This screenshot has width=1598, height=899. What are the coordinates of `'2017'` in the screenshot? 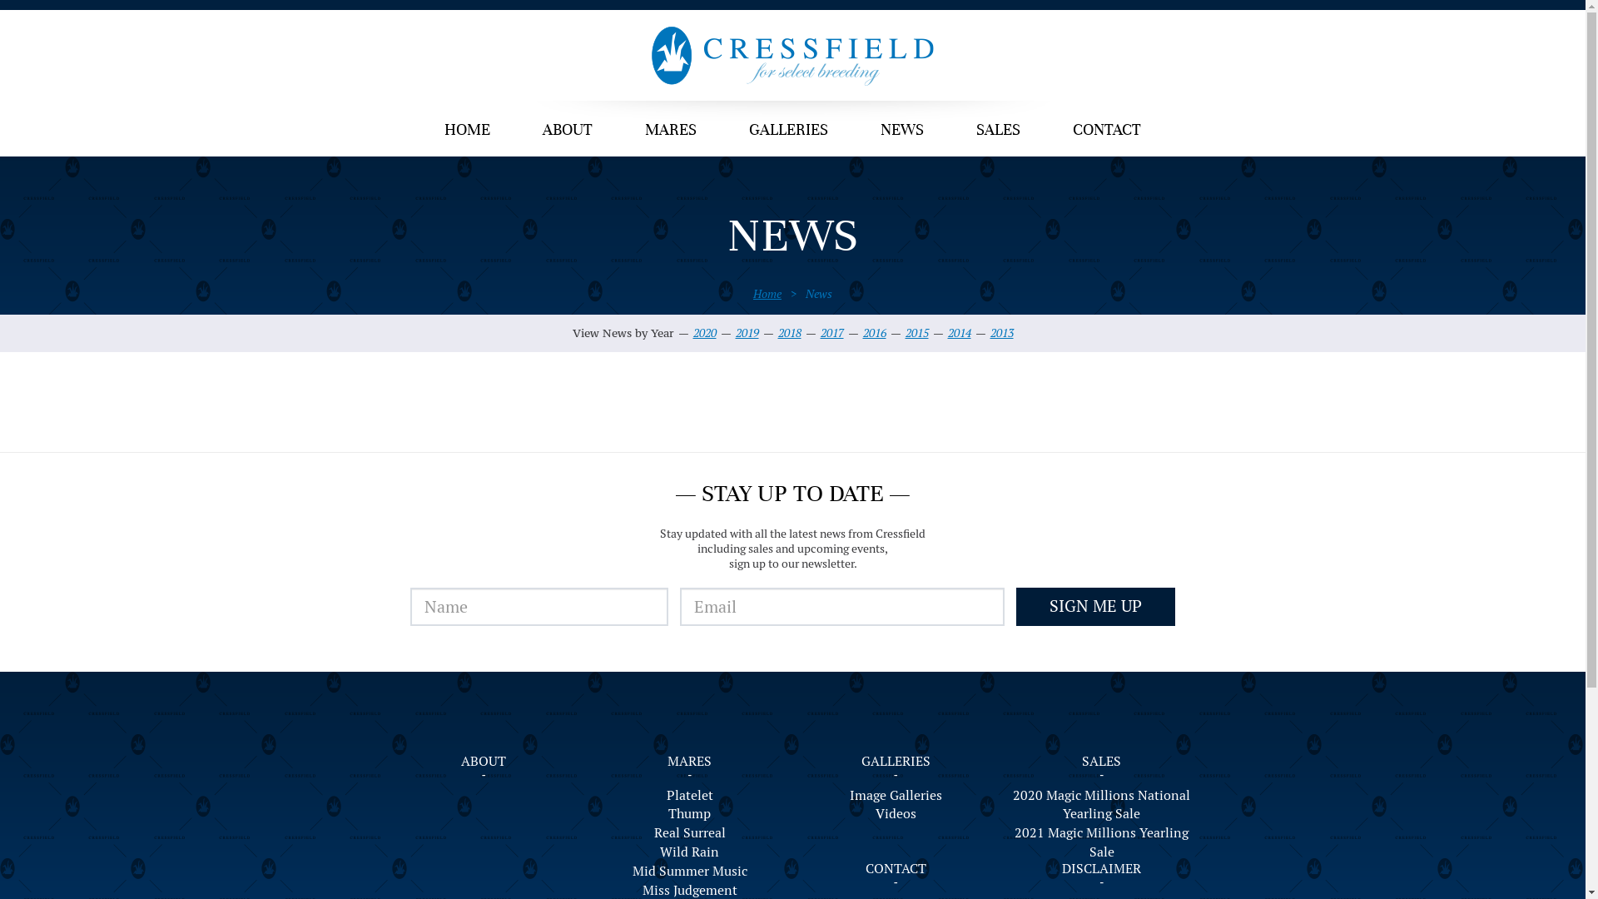 It's located at (820, 333).